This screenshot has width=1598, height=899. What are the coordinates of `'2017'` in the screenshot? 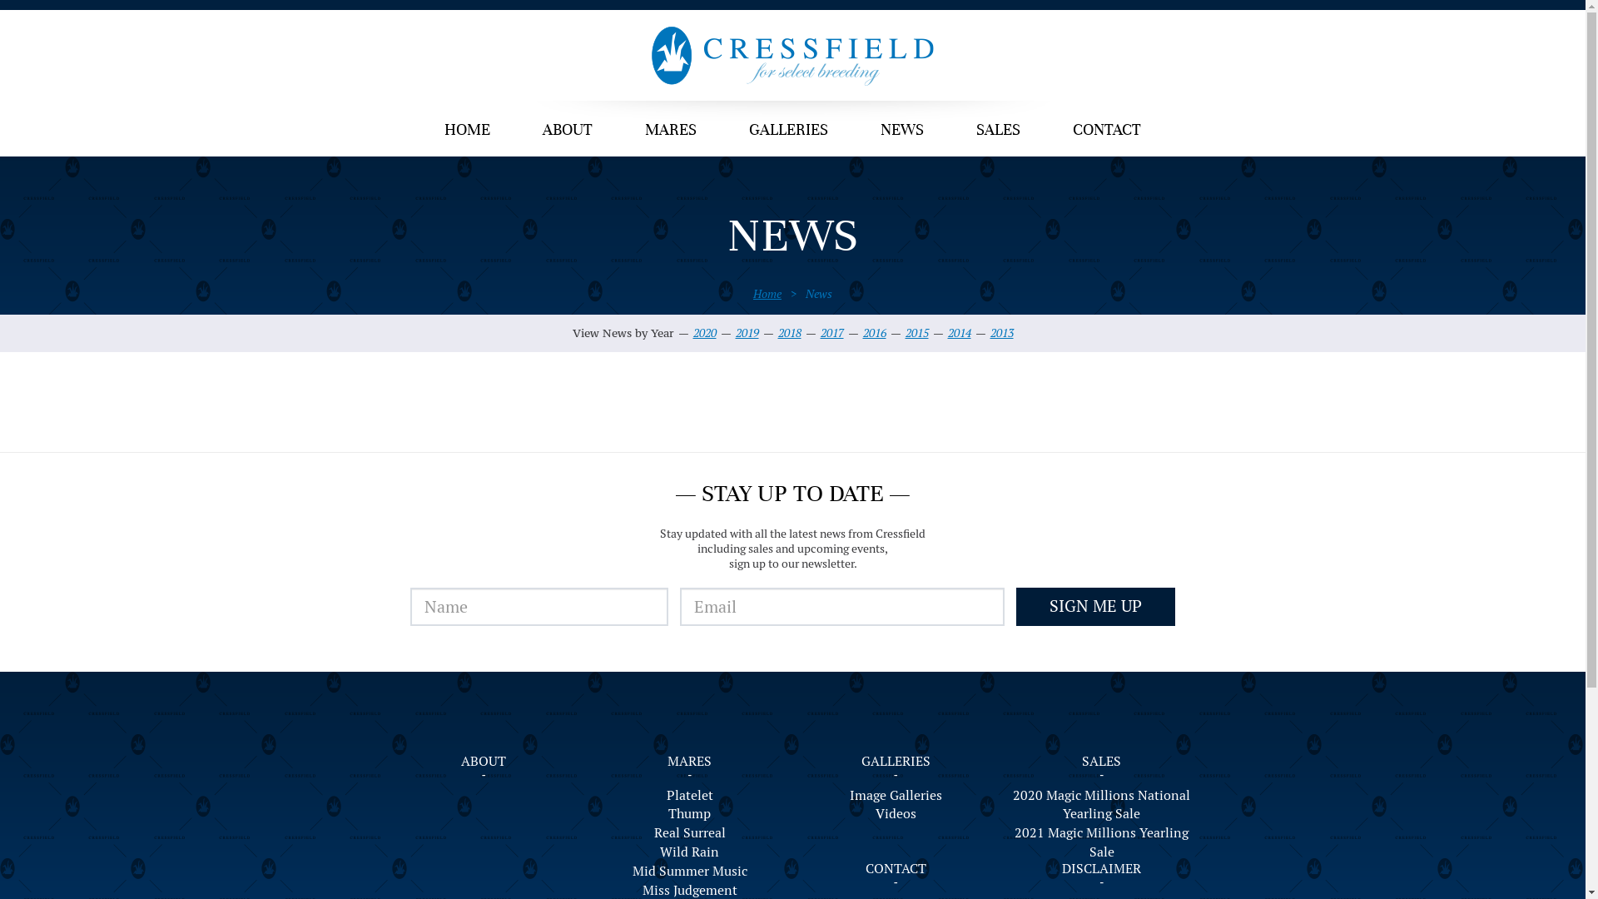 It's located at (820, 333).